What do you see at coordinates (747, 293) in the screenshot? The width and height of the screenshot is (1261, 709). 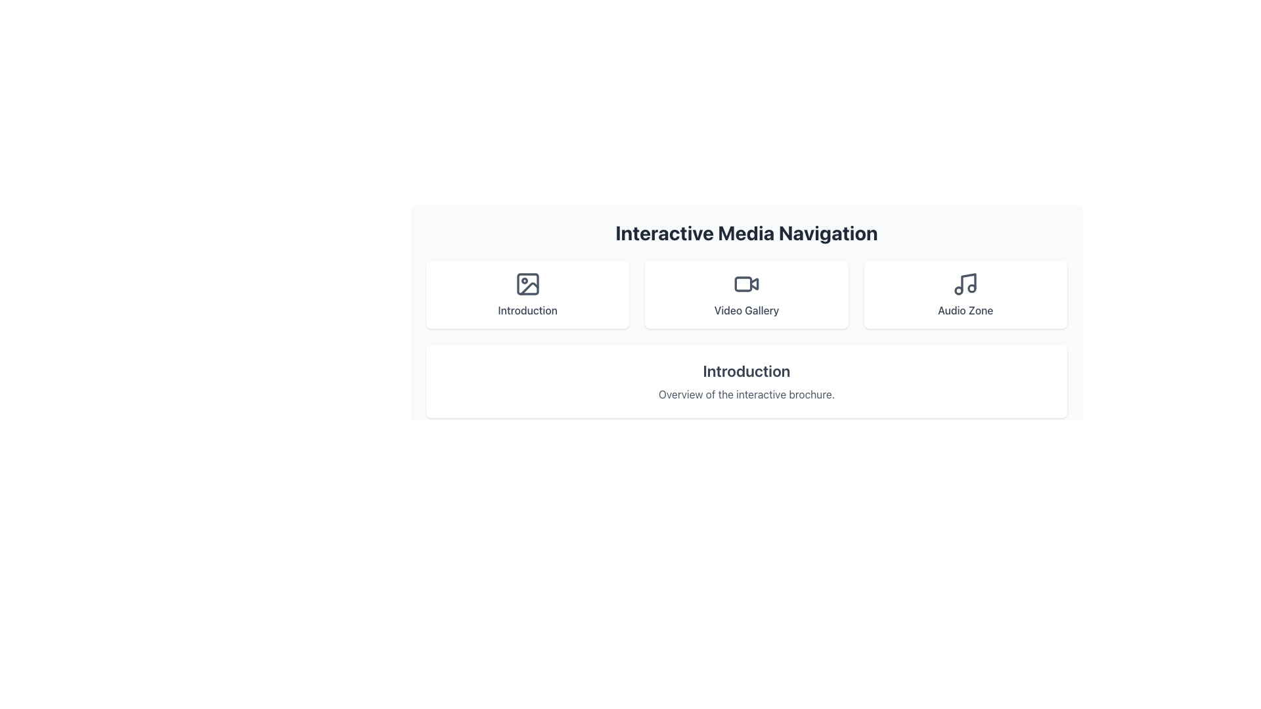 I see `the navigation button located between 'Introduction' and 'Audio Zone'` at bounding box center [747, 293].